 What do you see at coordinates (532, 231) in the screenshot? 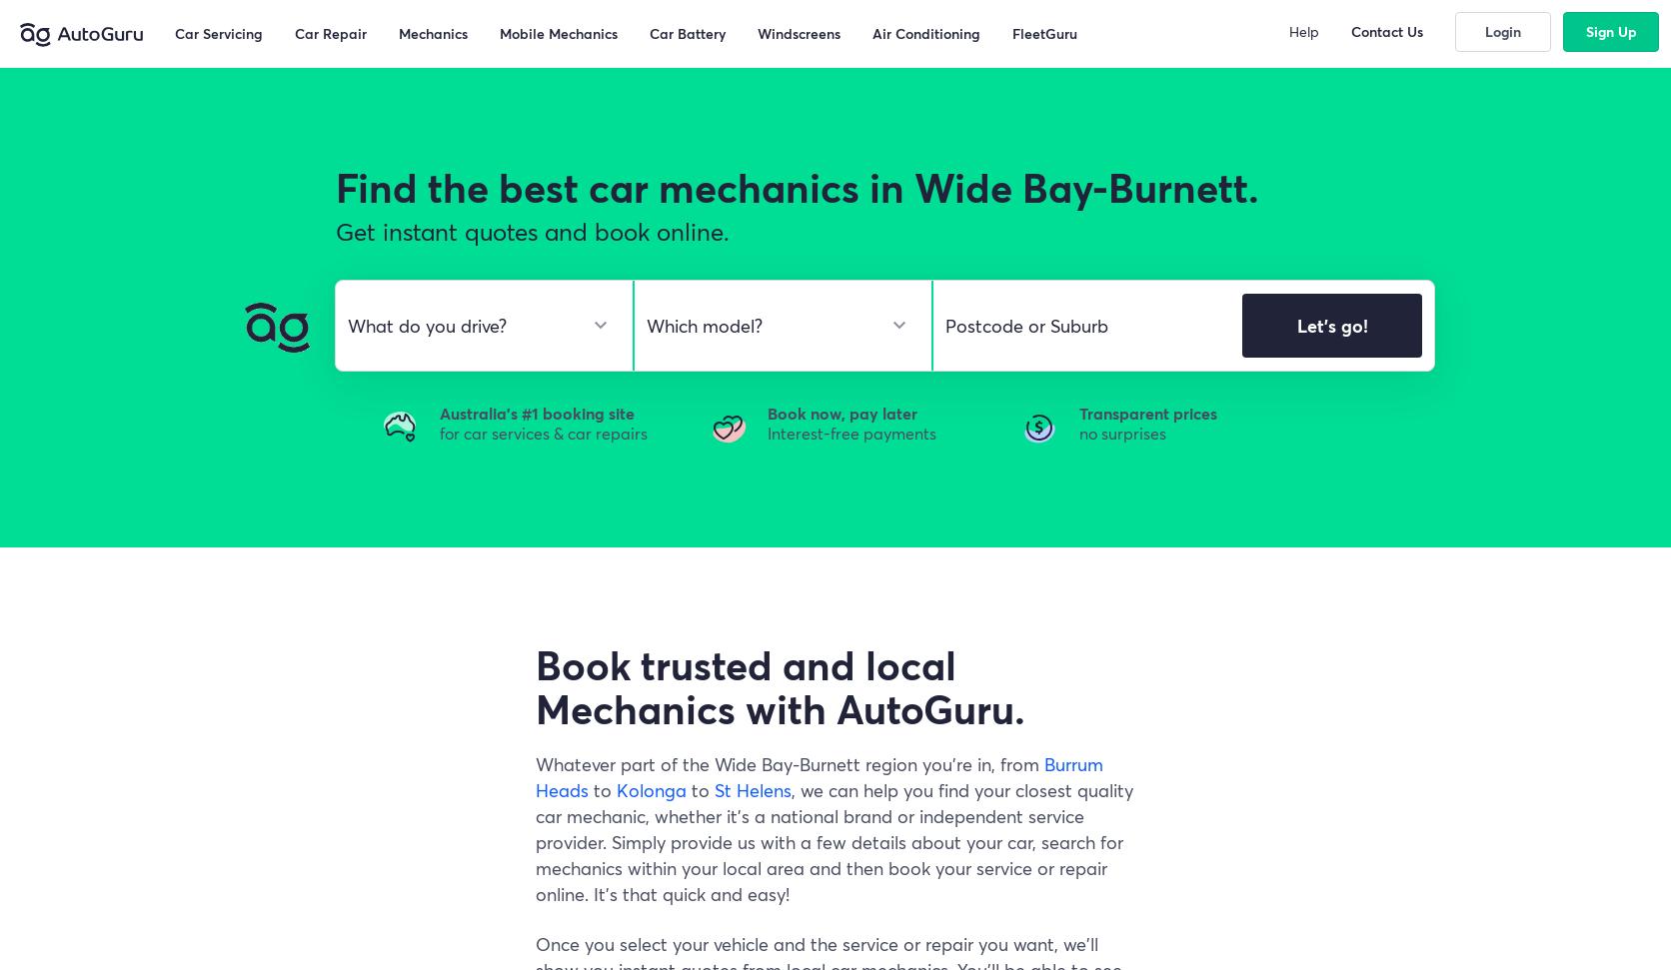
I see `'Get instant quotes and book online.'` at bounding box center [532, 231].